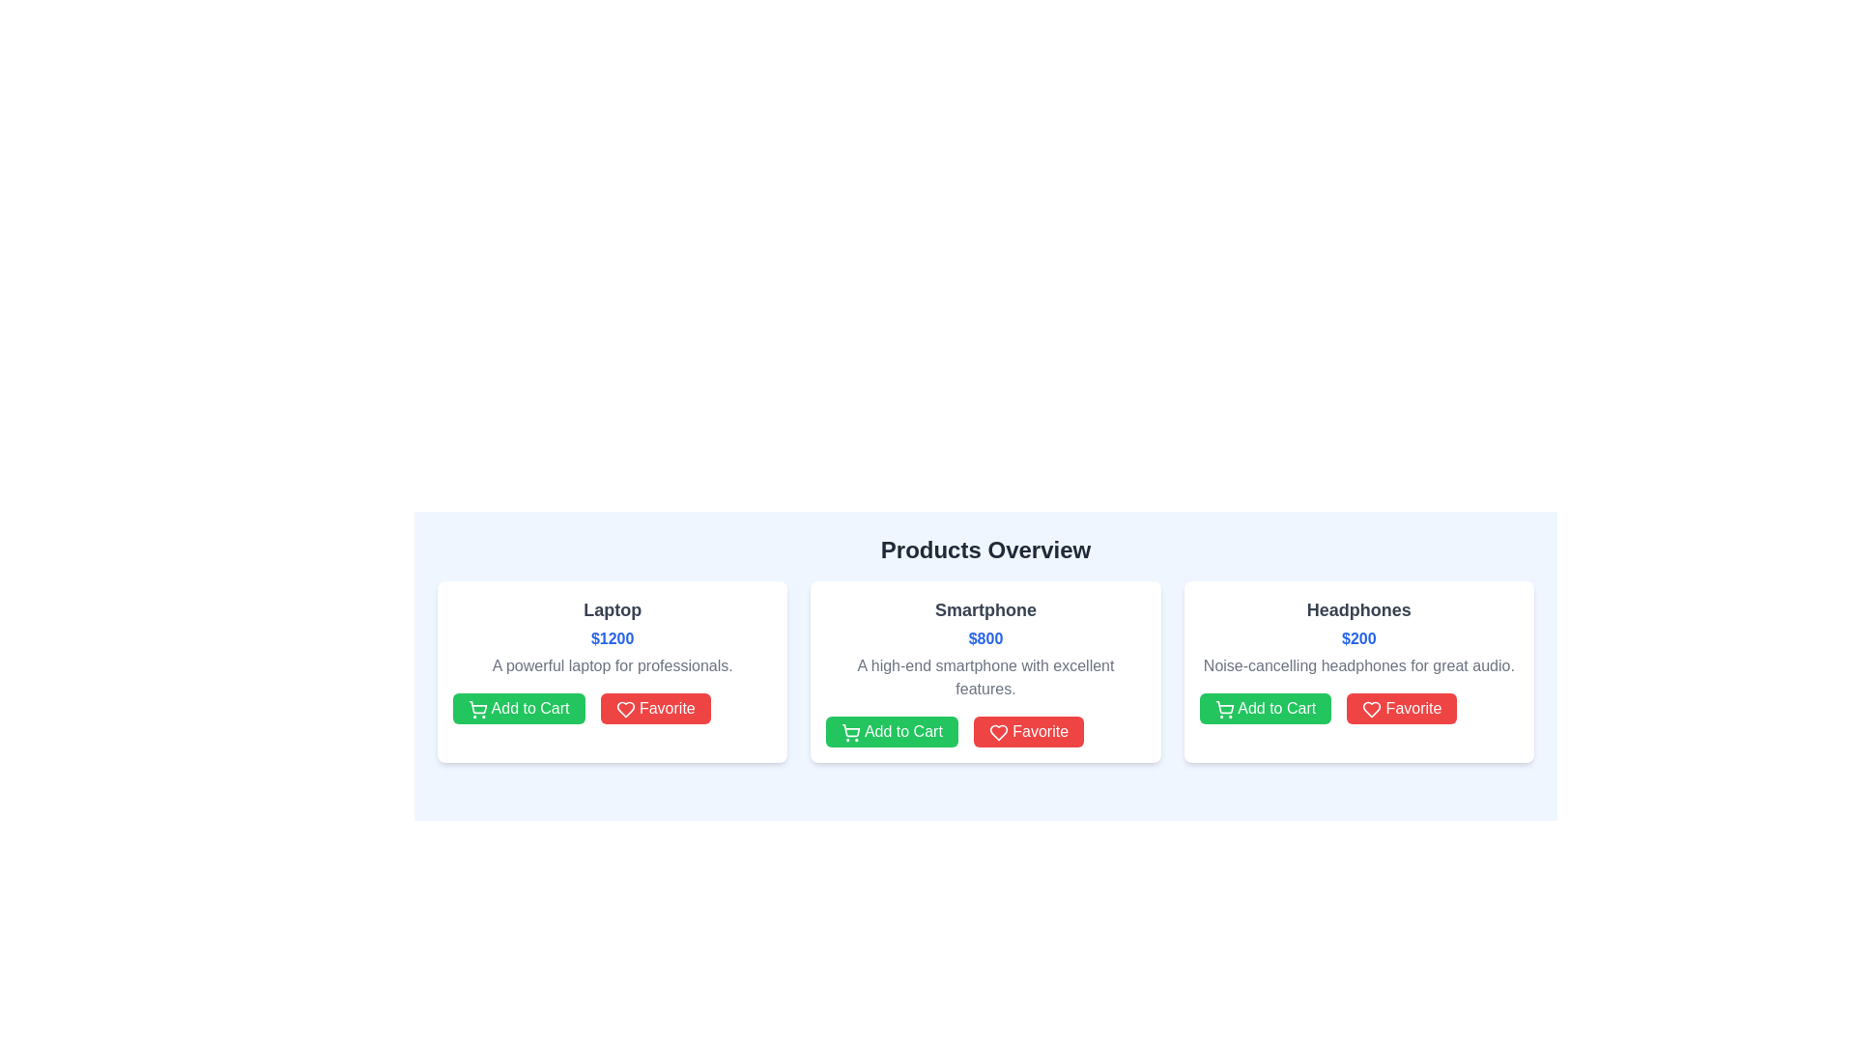 The width and height of the screenshot is (1855, 1043). I want to click on the price tag displaying '$200', which is styled in bold, blue text, located in the card for 'Headphones', directly below the heading text and above the product description and action buttons, so click(1357, 639).